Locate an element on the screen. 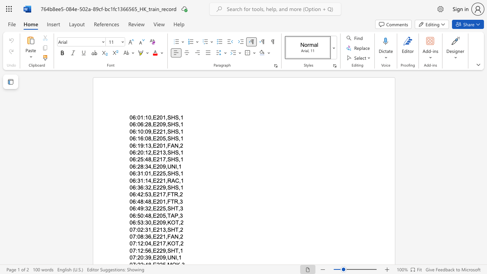 The height and width of the screenshot is (274, 487). the space between the continuous character "S" and "H" in the text is located at coordinates (170, 159).